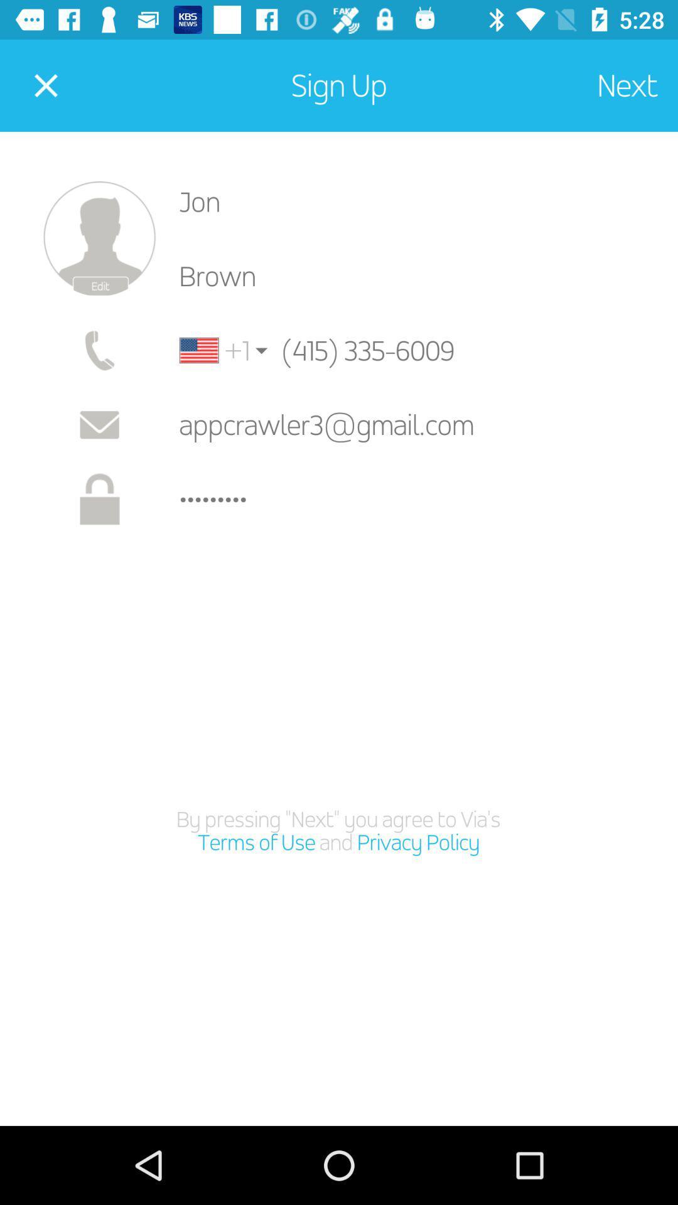 The width and height of the screenshot is (678, 1205). Describe the element at coordinates (99, 238) in the screenshot. I see `the item to the left of the jon item` at that location.